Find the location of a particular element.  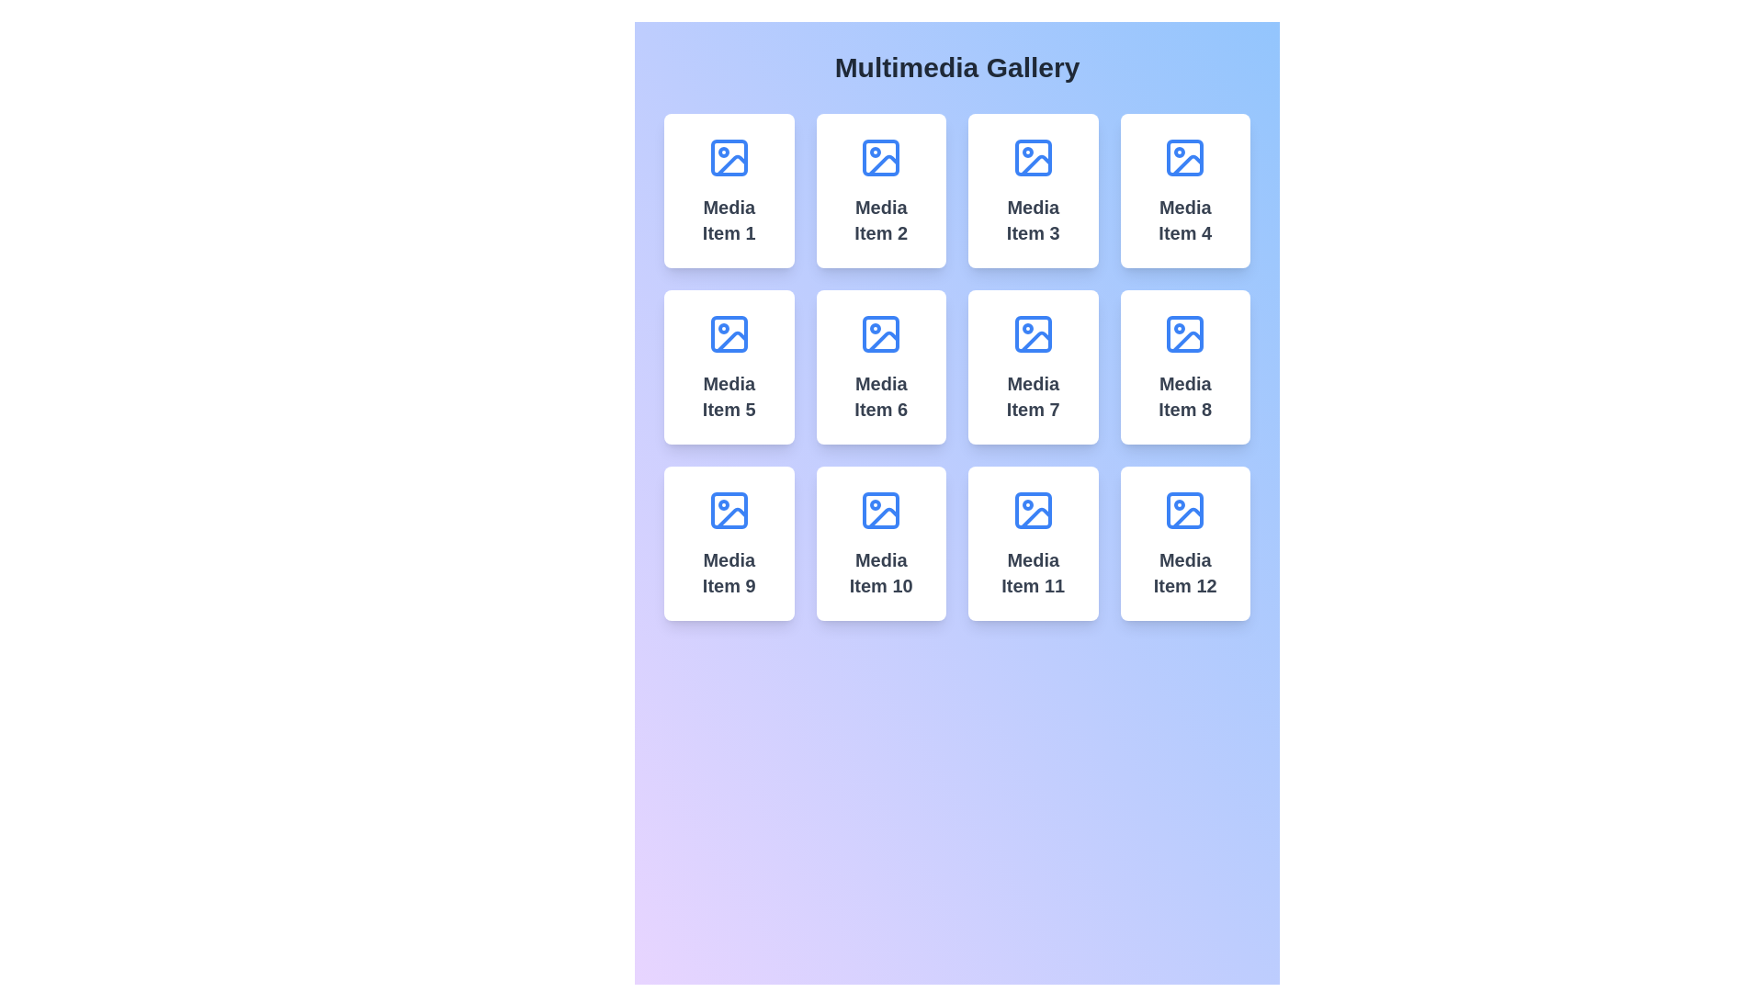

the decorative icon indicating media content within the card labeled 'Media Item 8', located in the third column, second row of the grid layout is located at coordinates (1185, 333).